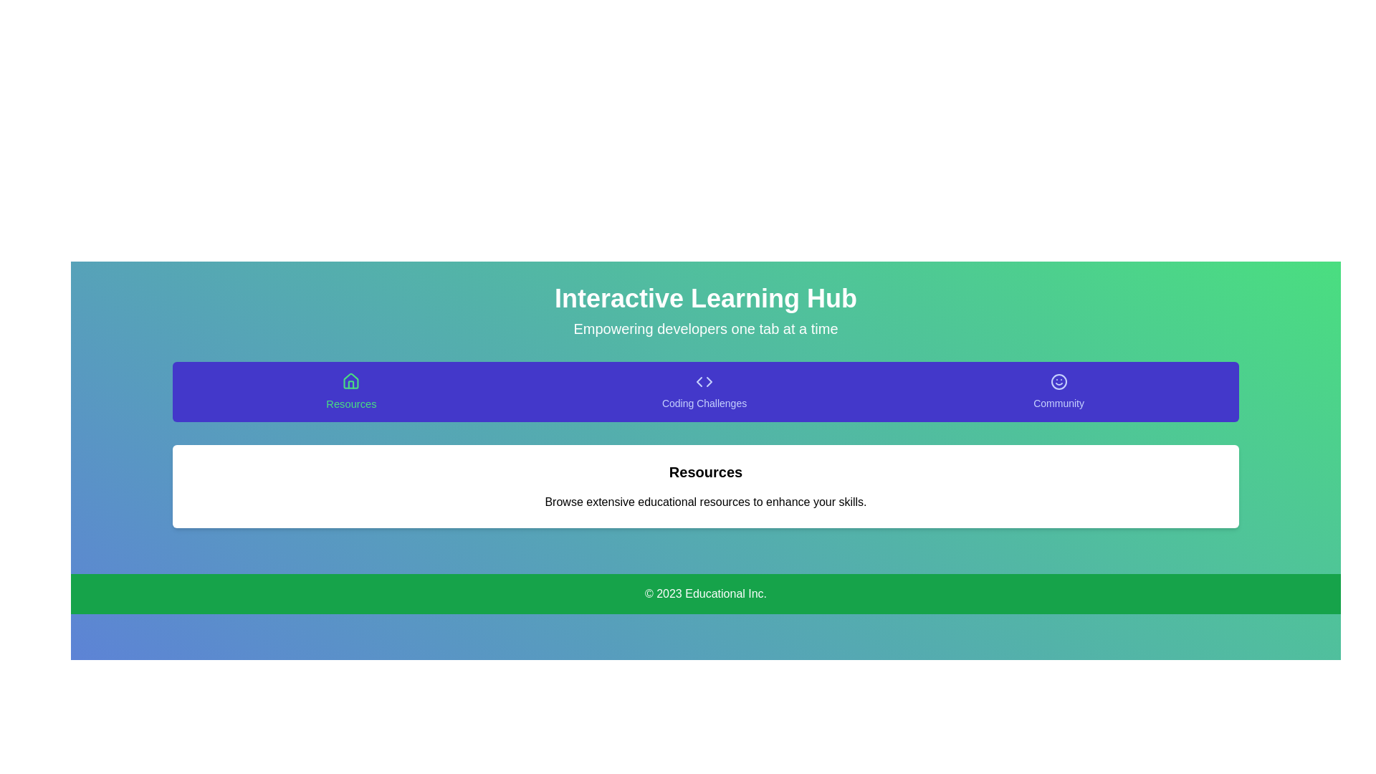  I want to click on the tab labeled Coding Challenges, so click(704, 392).